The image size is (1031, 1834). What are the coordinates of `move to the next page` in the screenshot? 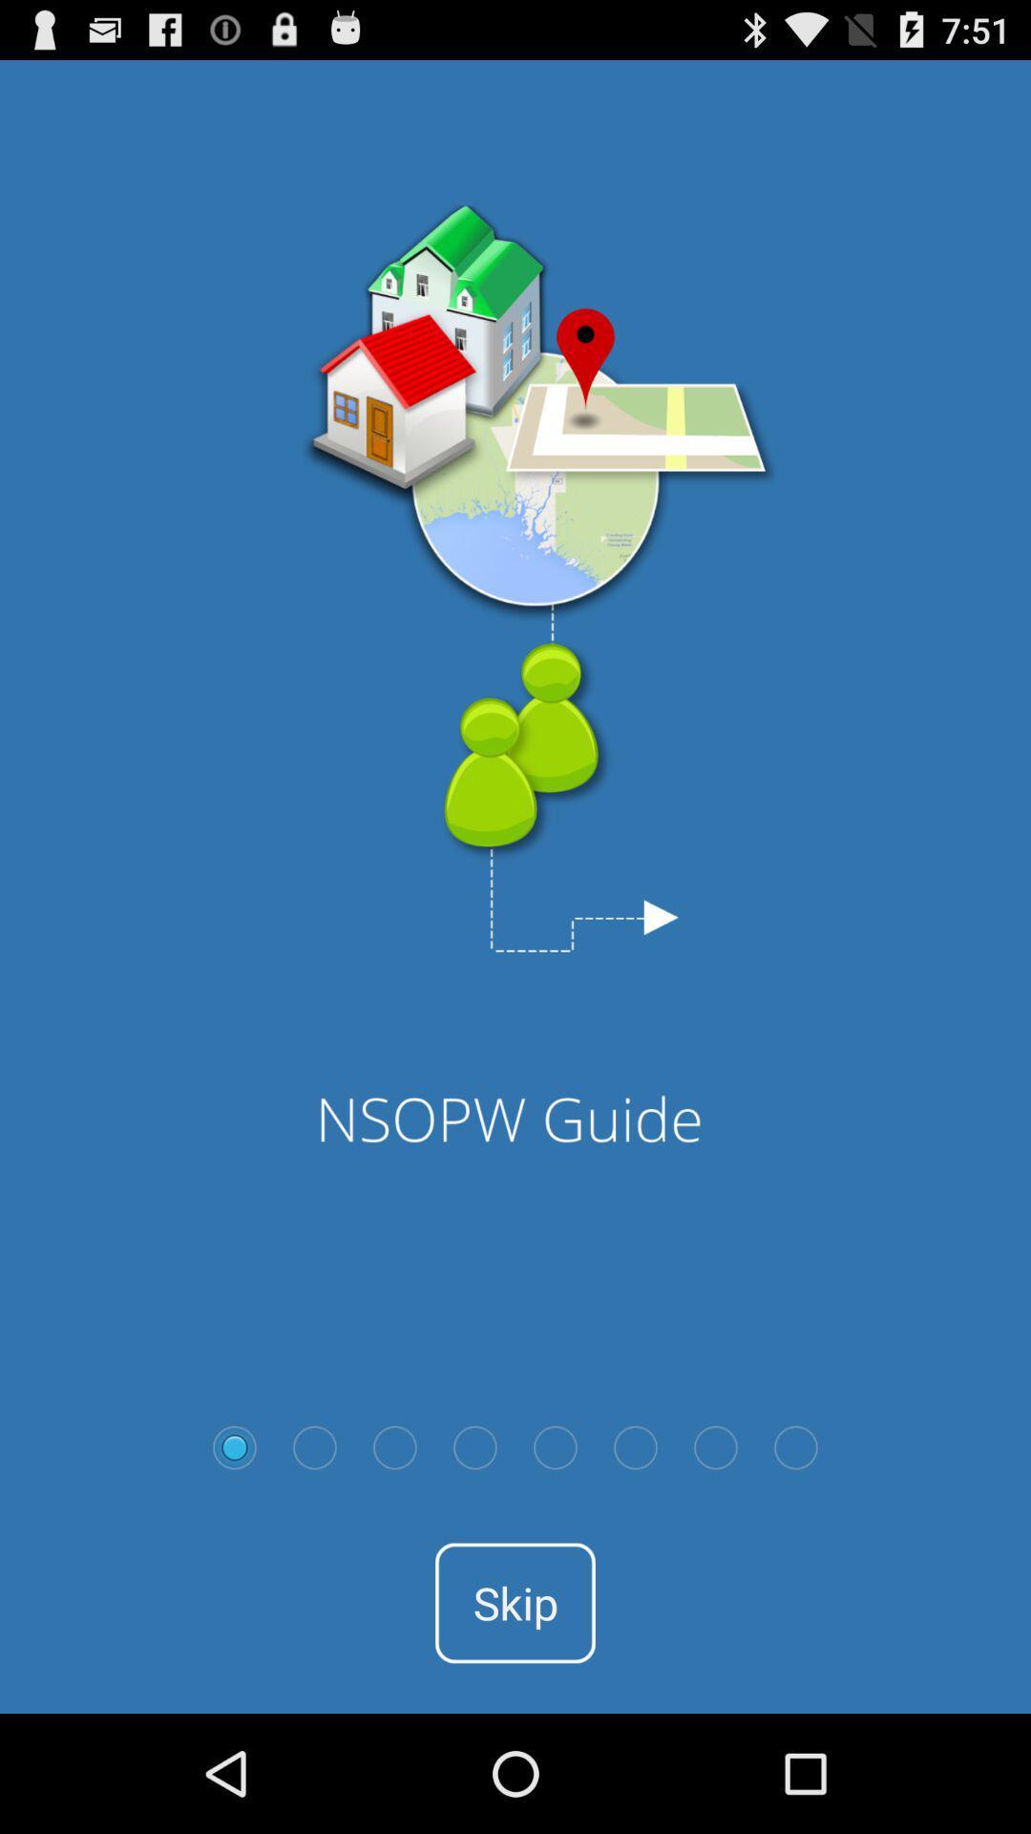 It's located at (314, 1447).